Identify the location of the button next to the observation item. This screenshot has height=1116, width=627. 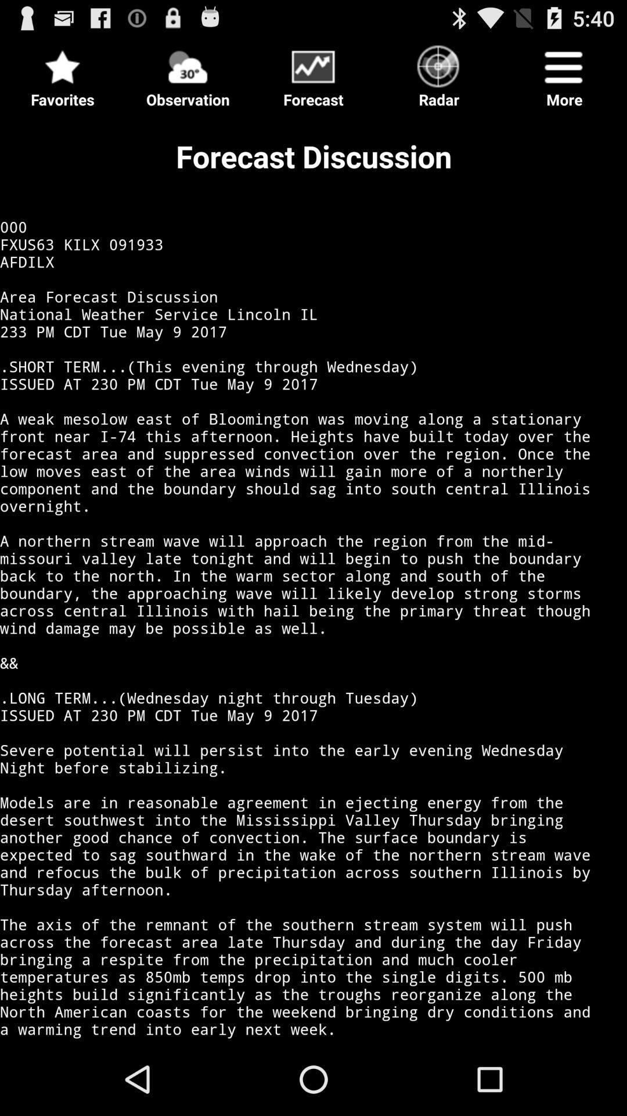
(63, 72).